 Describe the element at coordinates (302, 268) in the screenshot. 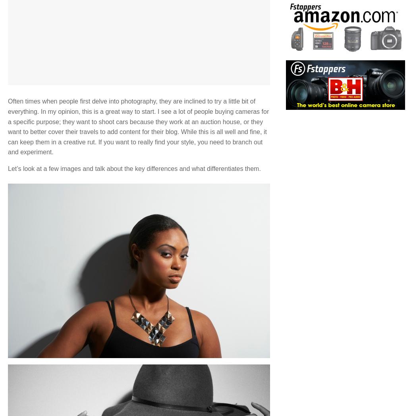

I see `'Contact Us'` at that location.